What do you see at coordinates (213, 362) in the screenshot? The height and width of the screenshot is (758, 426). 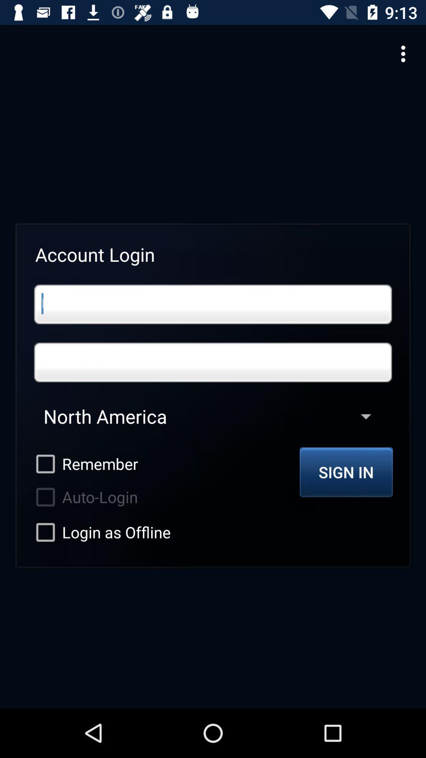 I see `password input on a form` at bounding box center [213, 362].